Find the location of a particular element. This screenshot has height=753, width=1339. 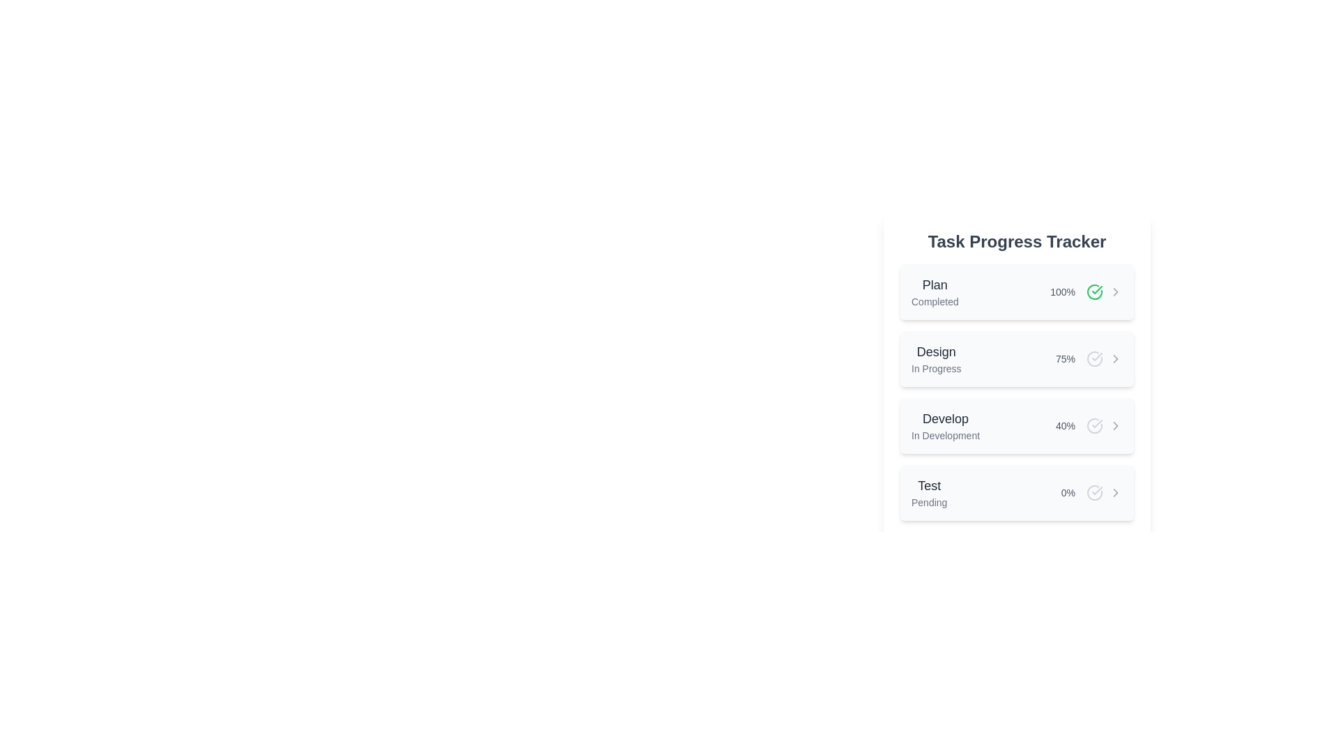

the graphical status indicator icon for the 'Test' task, located to the right of the '0%' text in the task progress tracker is located at coordinates (1094, 492).